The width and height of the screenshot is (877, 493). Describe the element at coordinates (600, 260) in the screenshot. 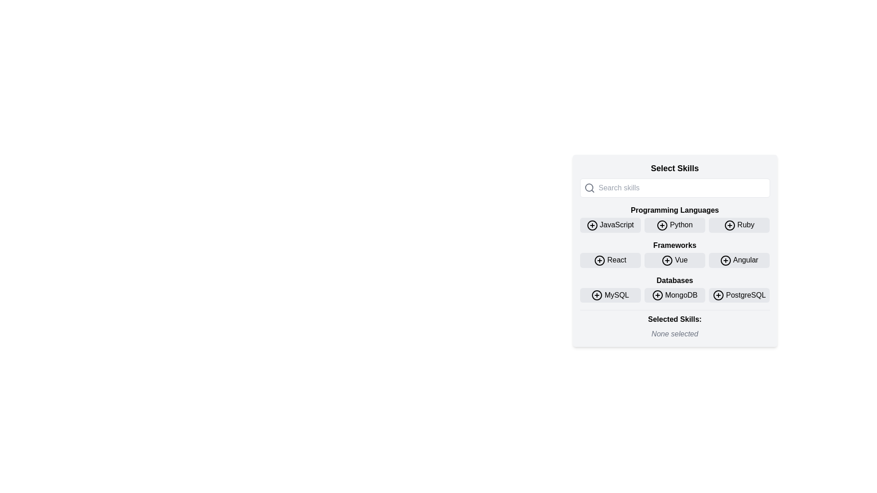

I see `the 'React' framework icon` at that location.